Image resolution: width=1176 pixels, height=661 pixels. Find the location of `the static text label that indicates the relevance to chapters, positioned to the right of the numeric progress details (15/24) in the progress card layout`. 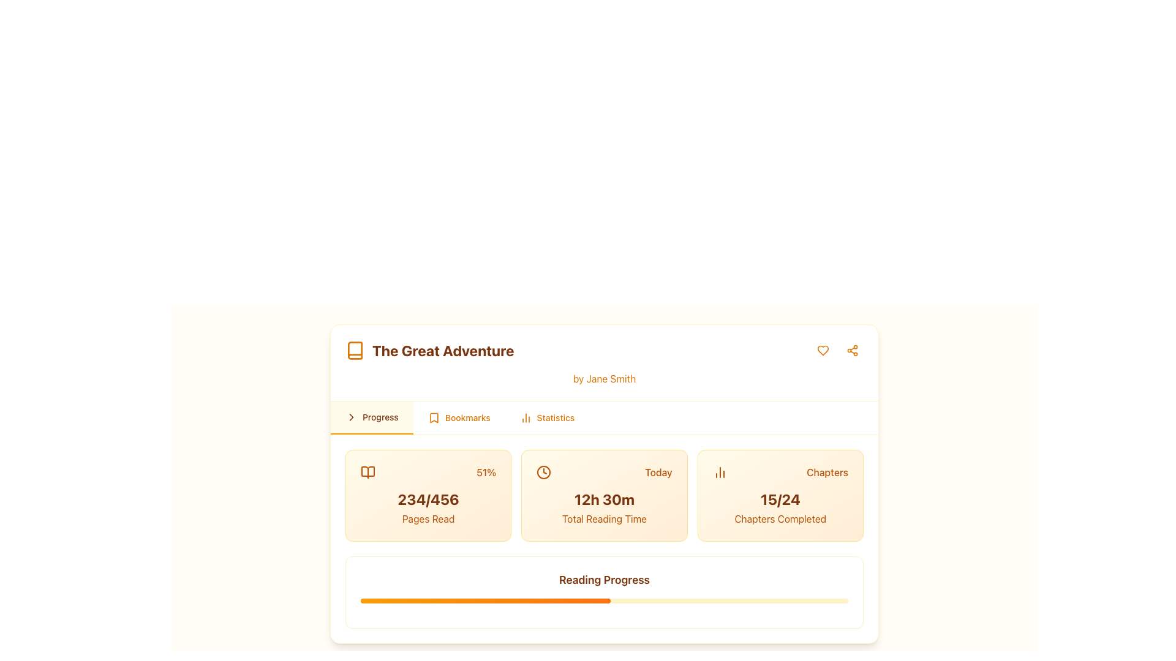

the static text label that indicates the relevance to chapters, positioned to the right of the numeric progress details (15/24) in the progress card layout is located at coordinates (827, 471).